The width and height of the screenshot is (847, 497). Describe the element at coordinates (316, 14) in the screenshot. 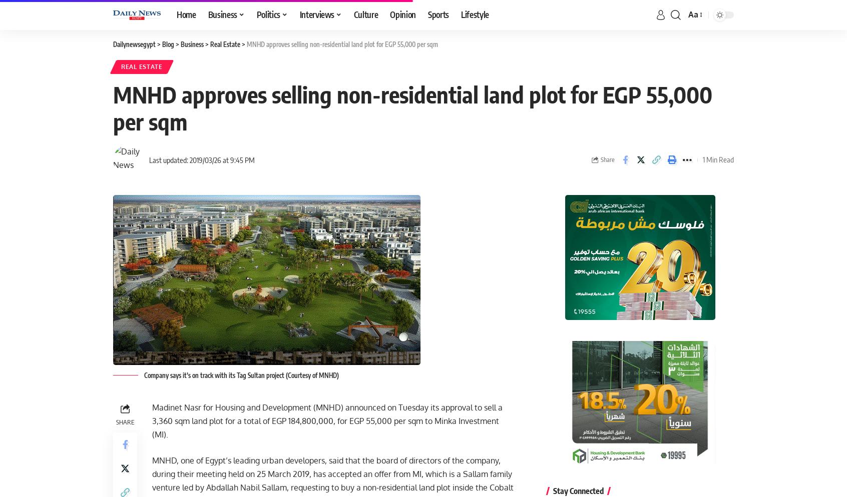

I see `'Interviews'` at that location.